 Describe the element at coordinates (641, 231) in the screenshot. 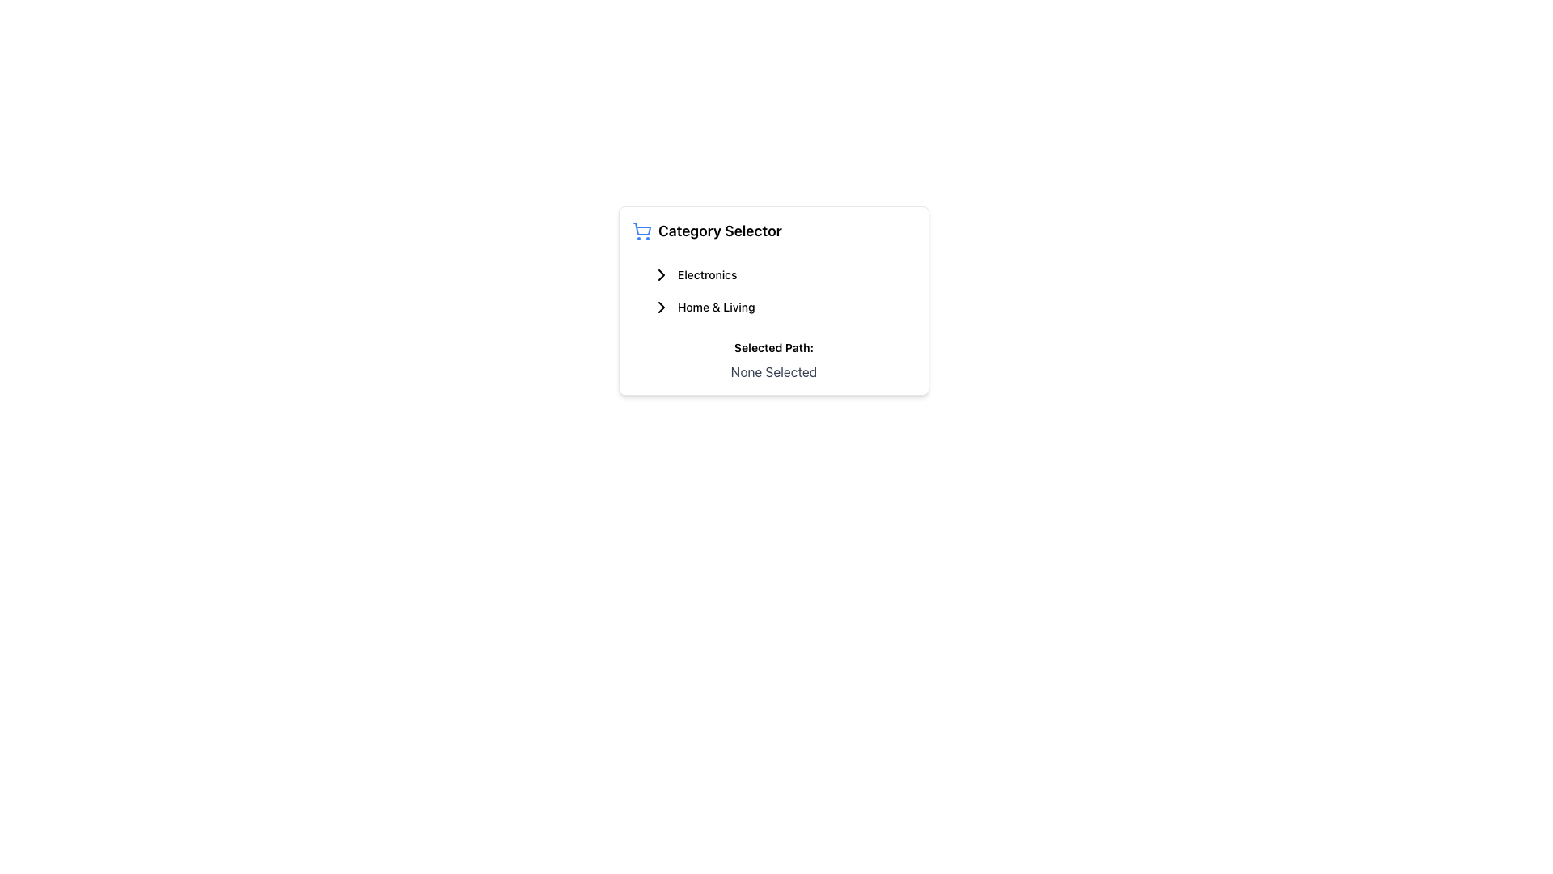

I see `the blue shopping cart icon located to the left of the 'Category Selector' title` at that location.